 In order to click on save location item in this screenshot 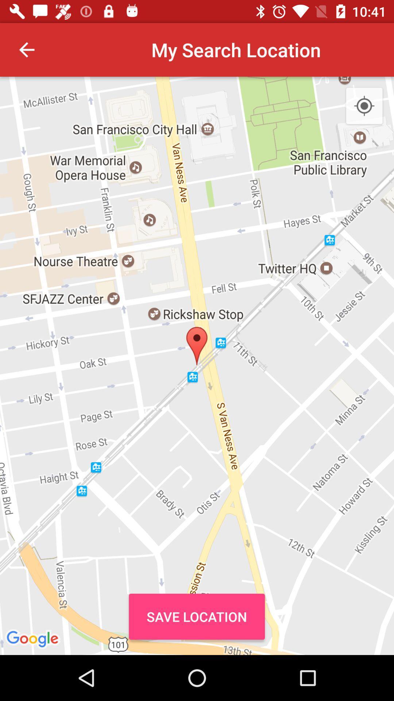, I will do `click(196, 616)`.